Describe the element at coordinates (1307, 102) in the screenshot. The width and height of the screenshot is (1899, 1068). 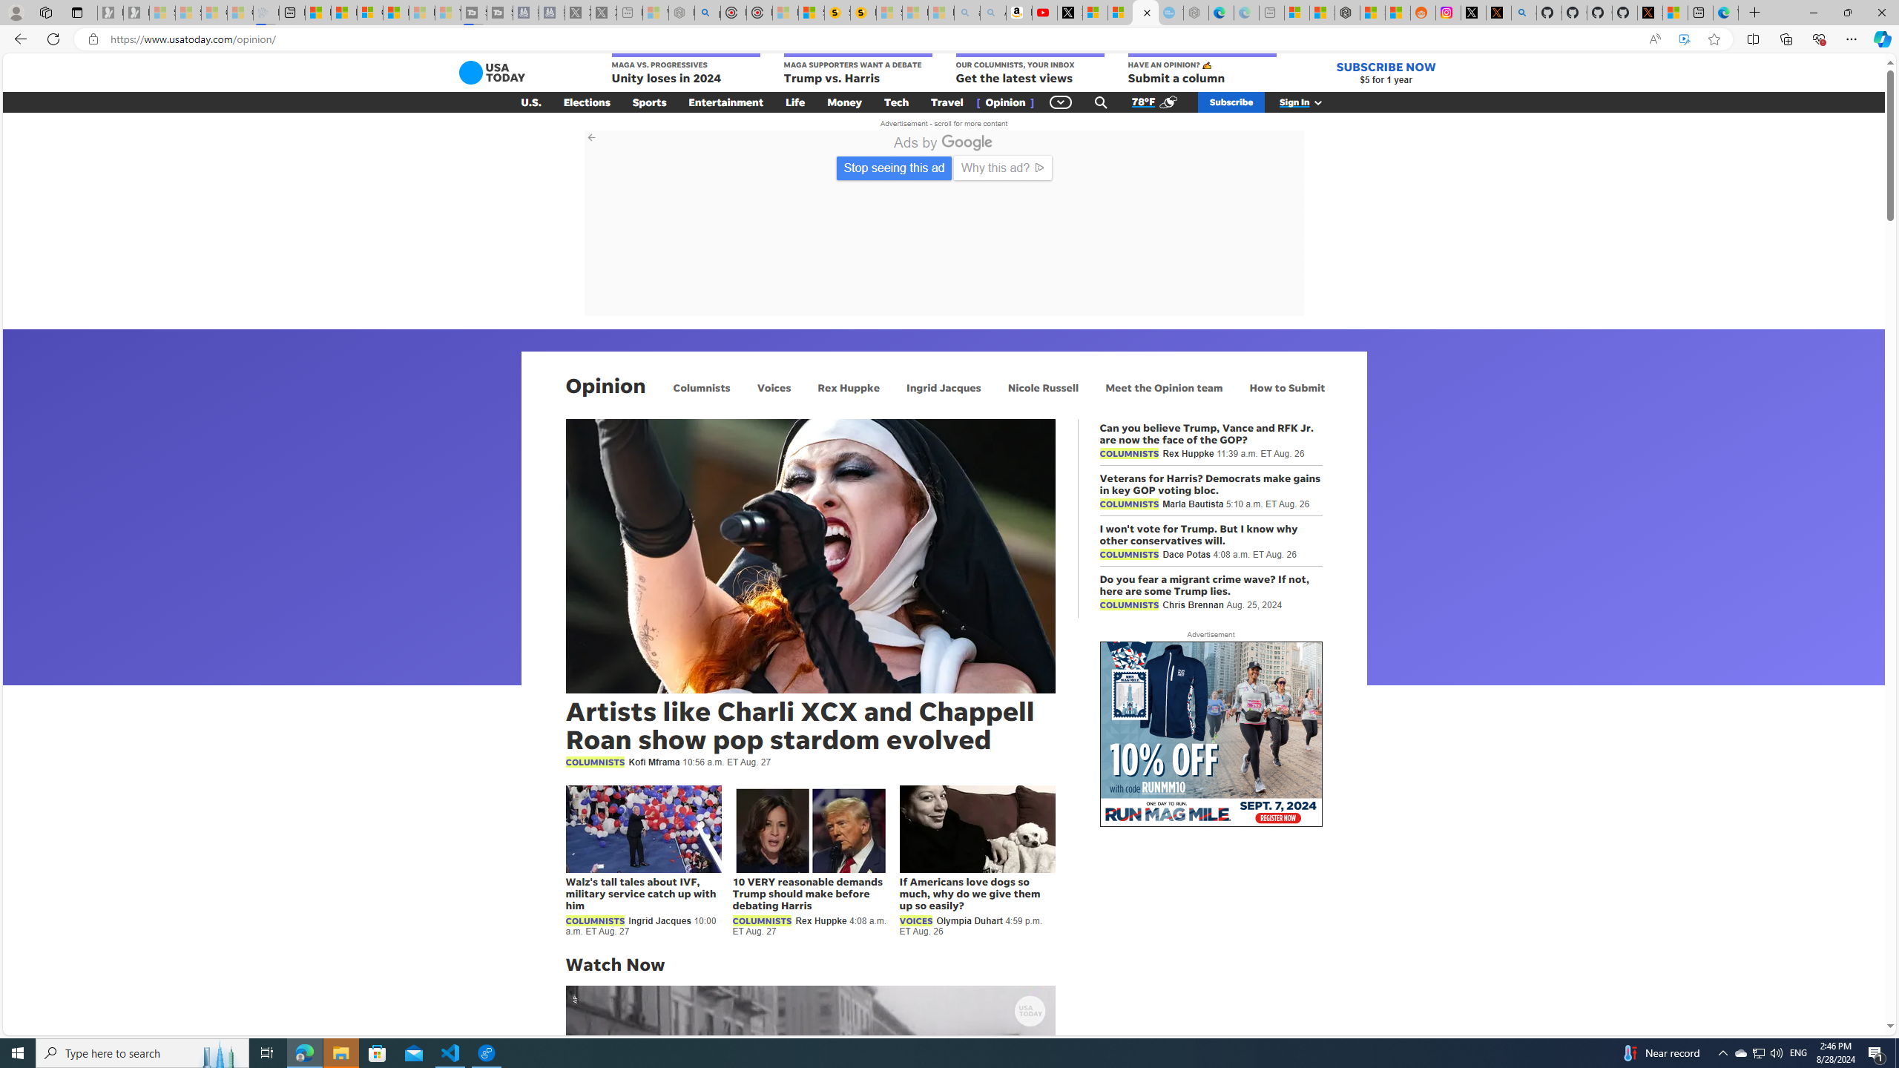
I see `'Sign In'` at that location.